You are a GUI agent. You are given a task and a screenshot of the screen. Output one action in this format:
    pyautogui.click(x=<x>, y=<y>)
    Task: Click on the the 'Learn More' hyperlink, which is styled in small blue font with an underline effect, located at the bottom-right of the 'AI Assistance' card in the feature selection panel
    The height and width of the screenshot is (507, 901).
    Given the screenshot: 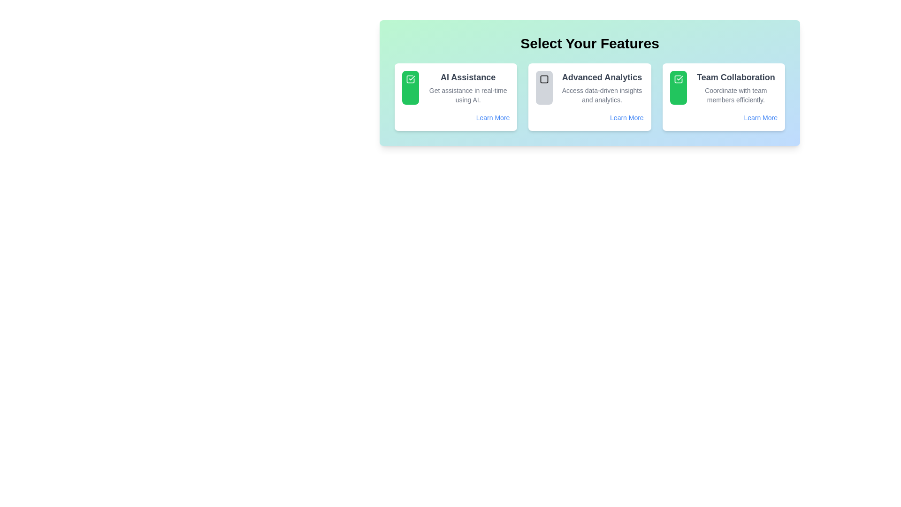 What is the action you would take?
    pyautogui.click(x=456, y=117)
    